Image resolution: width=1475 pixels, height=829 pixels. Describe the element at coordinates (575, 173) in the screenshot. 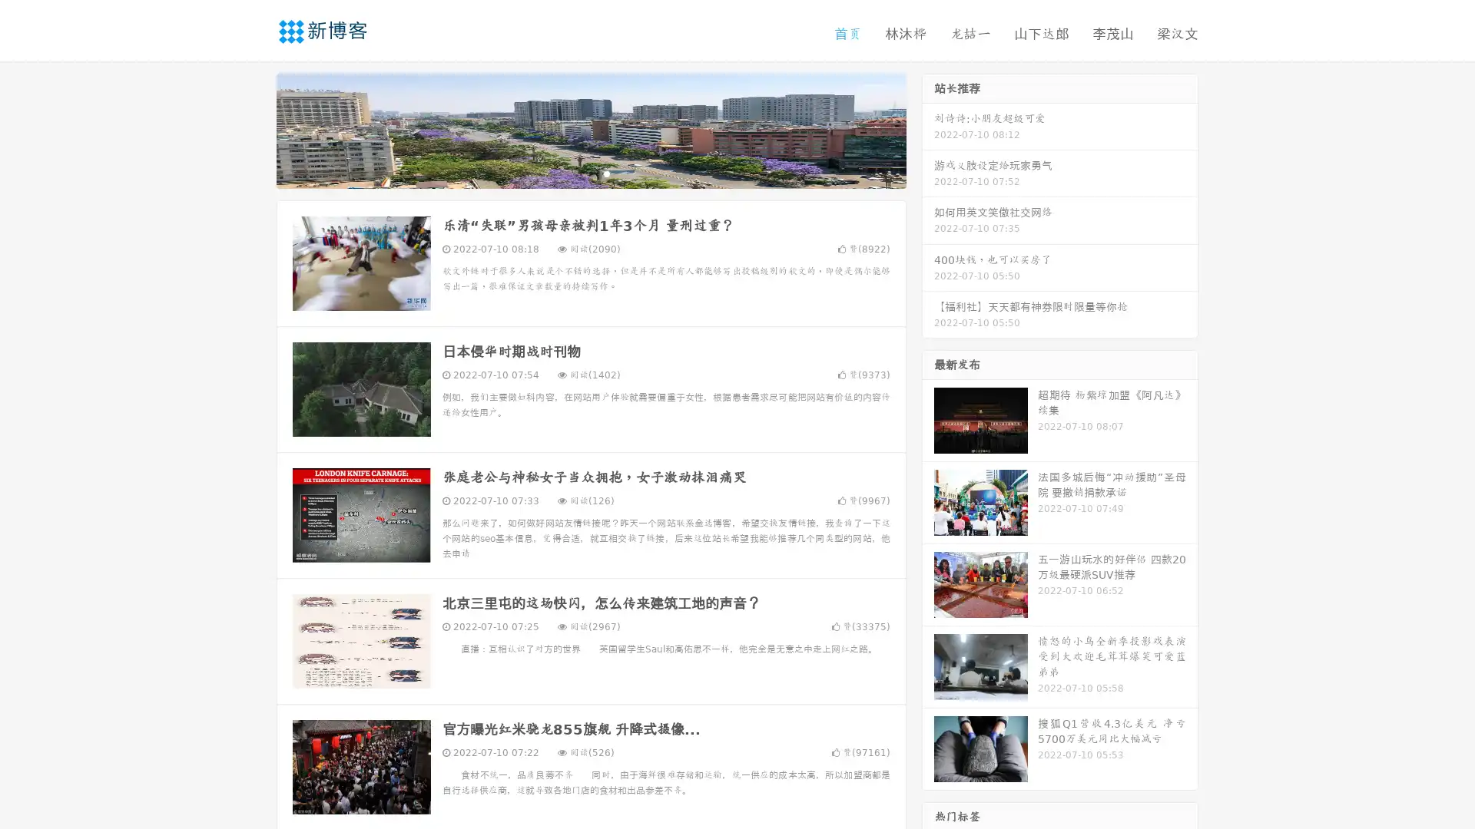

I see `Go to slide 1` at that location.